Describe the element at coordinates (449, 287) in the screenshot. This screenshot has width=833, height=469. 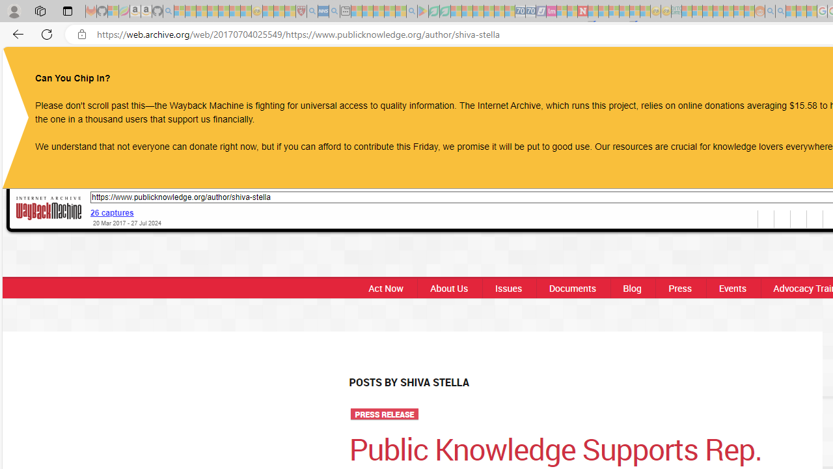
I see `'About Us'` at that location.